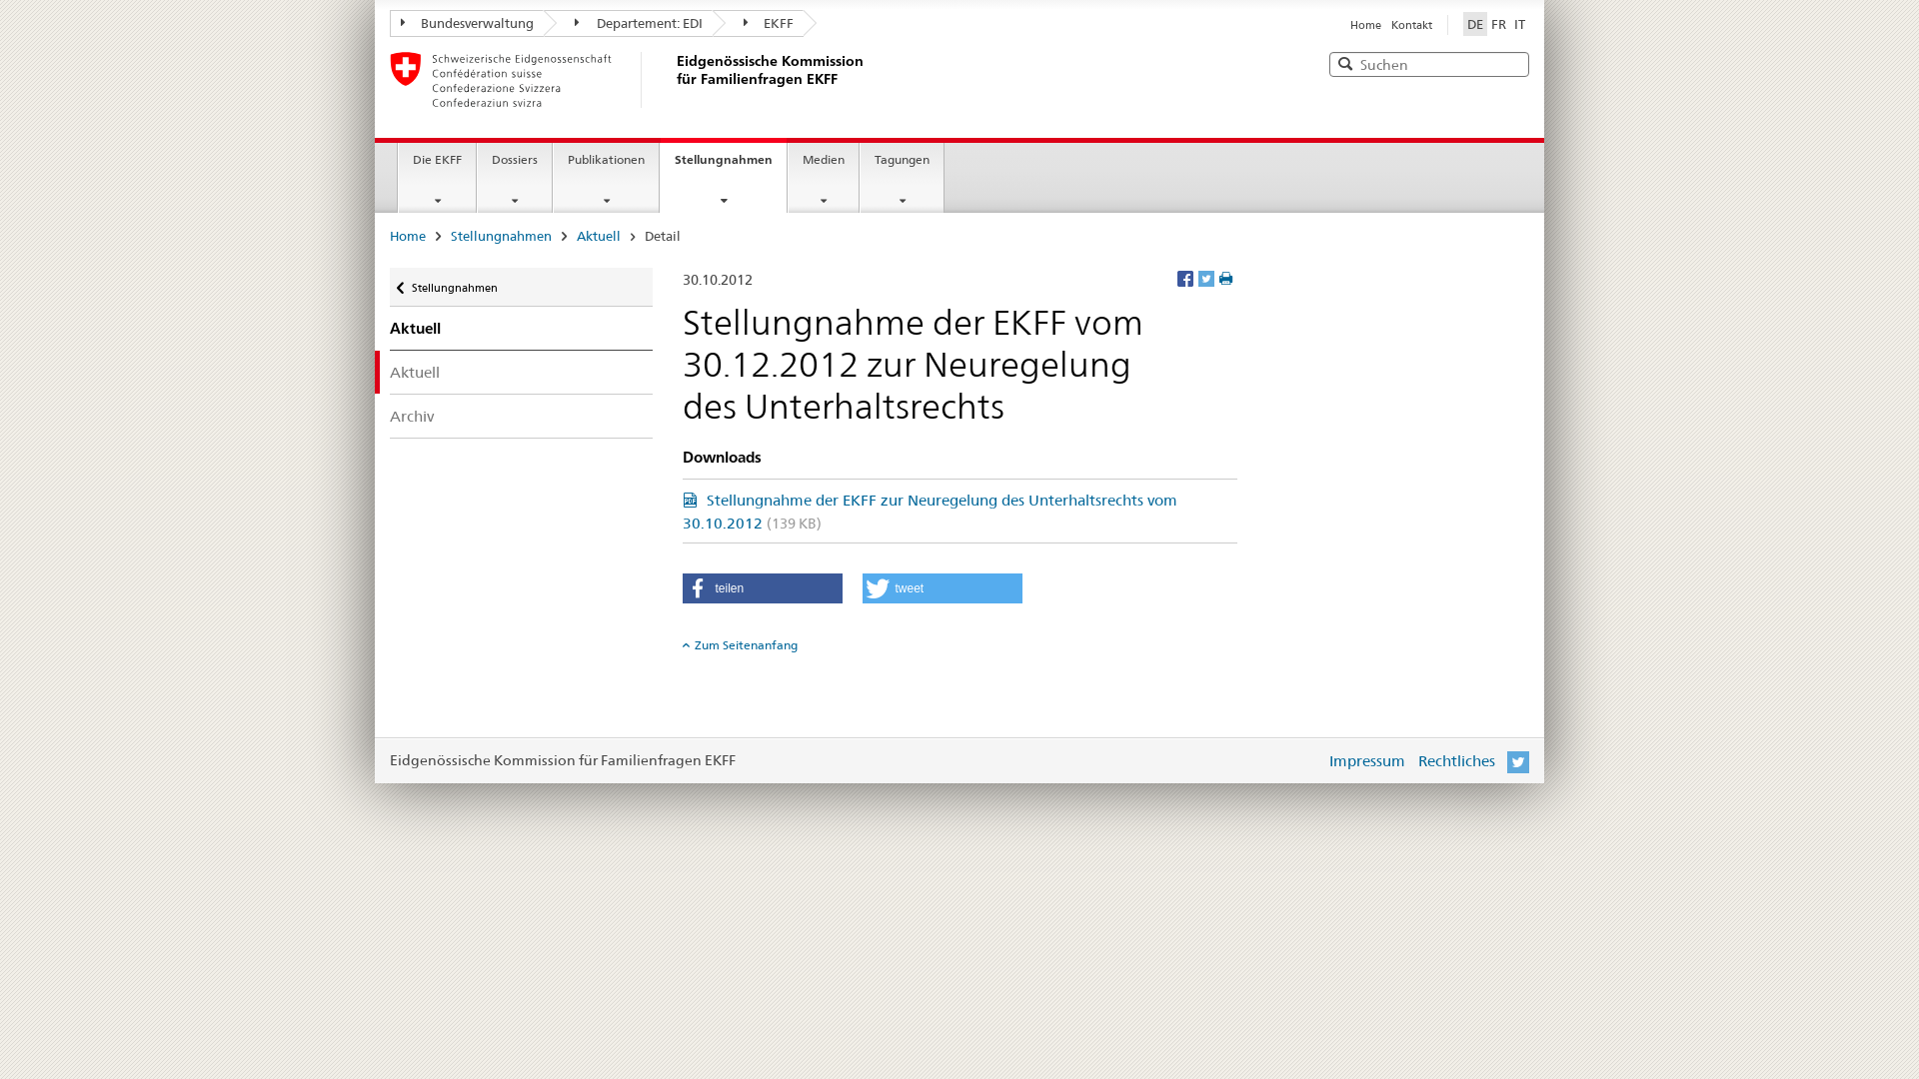  Describe the element at coordinates (1364, 24) in the screenshot. I see `'Home'` at that location.